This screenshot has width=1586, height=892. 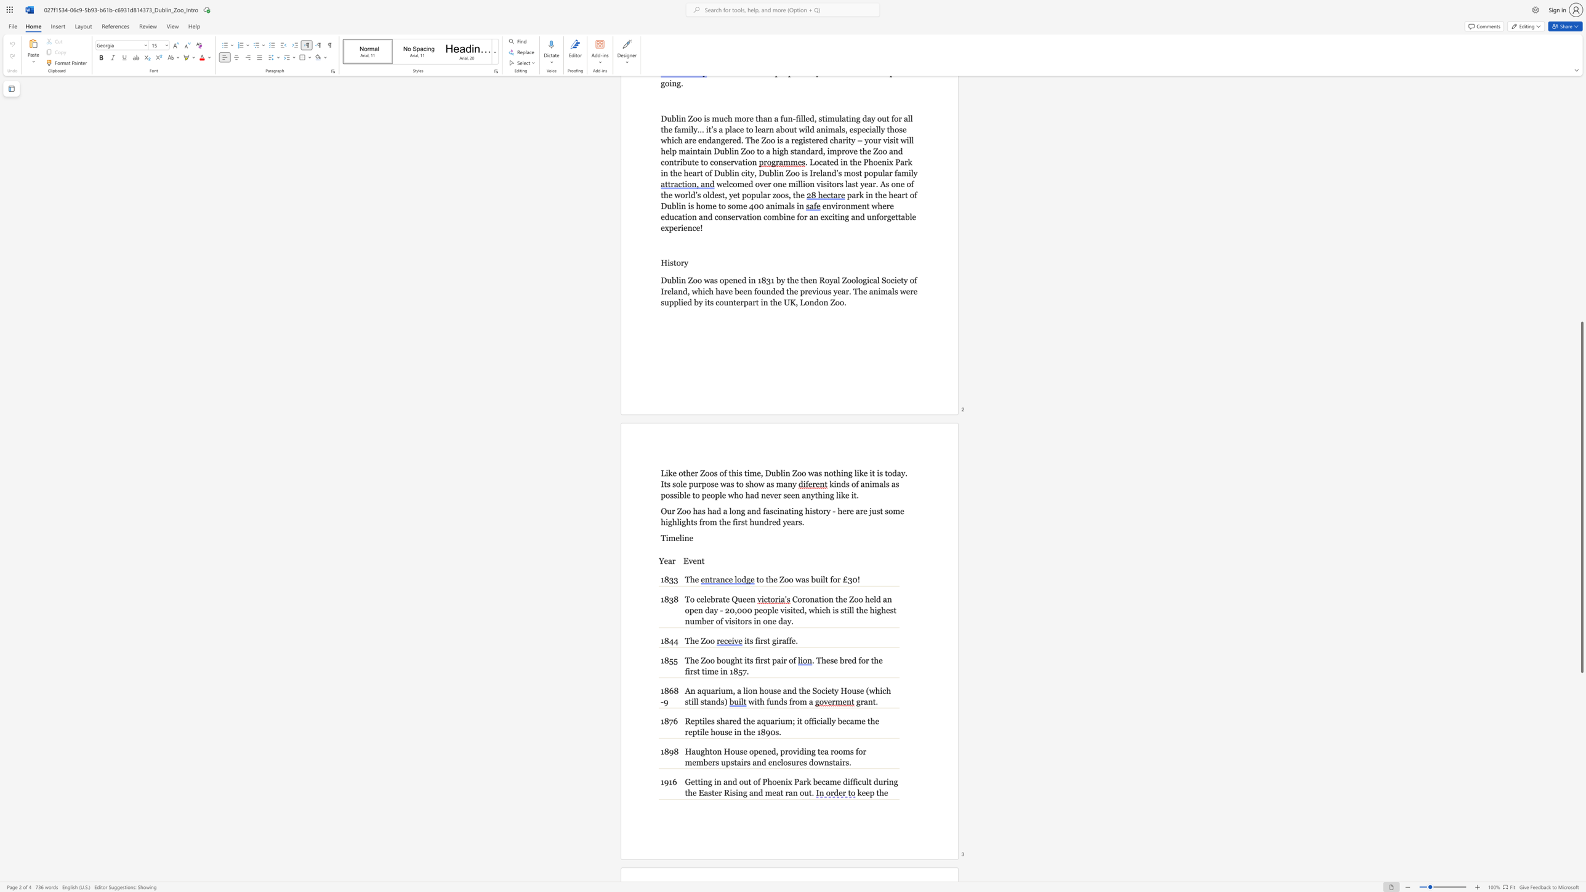 What do you see at coordinates (776, 660) in the screenshot?
I see `the subset text "air" within the text "The Zoo bought its first pair of"` at bounding box center [776, 660].